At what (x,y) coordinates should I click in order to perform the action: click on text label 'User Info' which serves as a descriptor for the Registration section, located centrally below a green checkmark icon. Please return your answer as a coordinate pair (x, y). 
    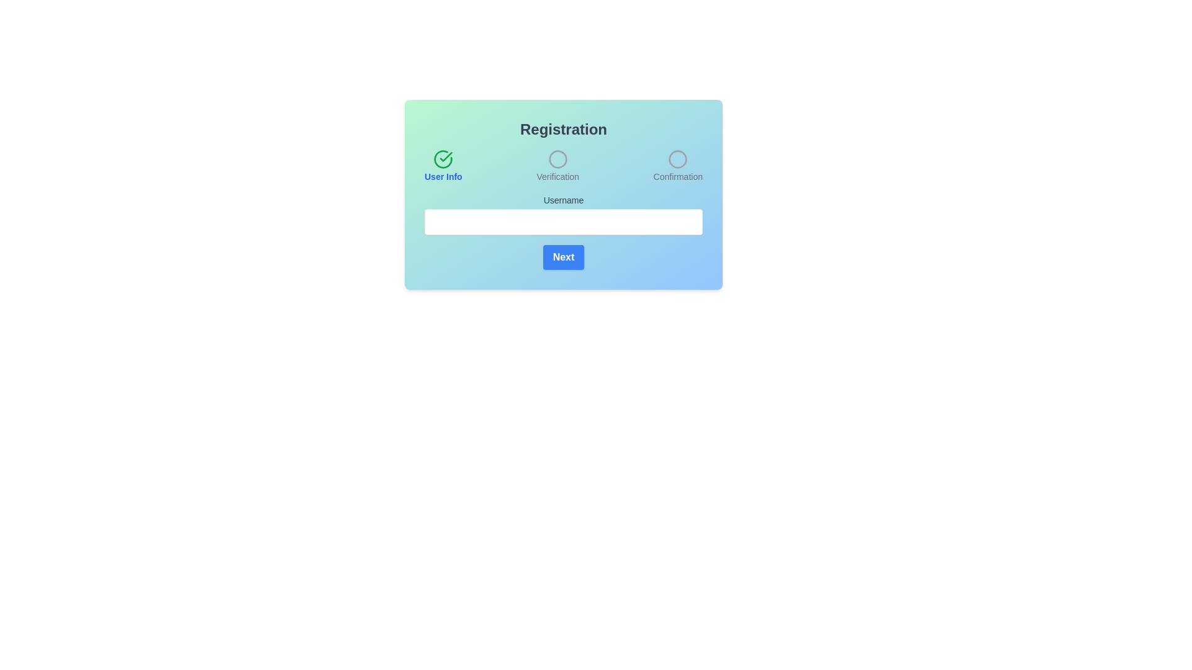
    Looking at the image, I should click on (443, 177).